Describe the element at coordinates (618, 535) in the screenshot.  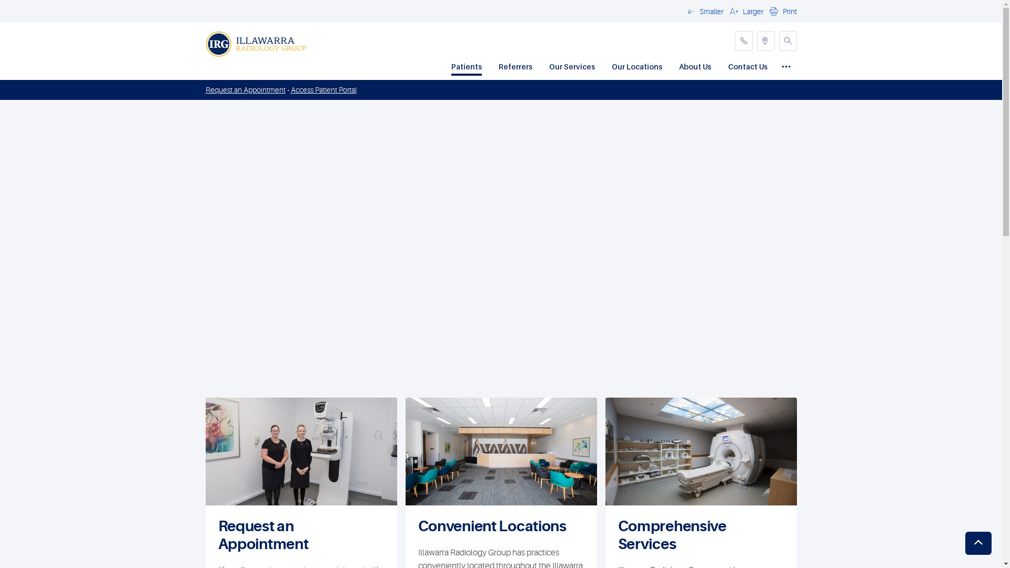
I see `'Comprehensive Services'` at that location.